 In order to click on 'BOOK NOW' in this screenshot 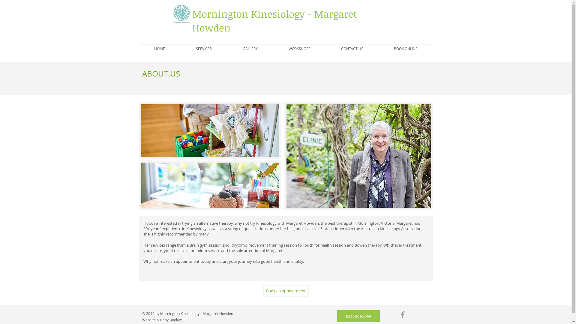, I will do `click(358, 316)`.